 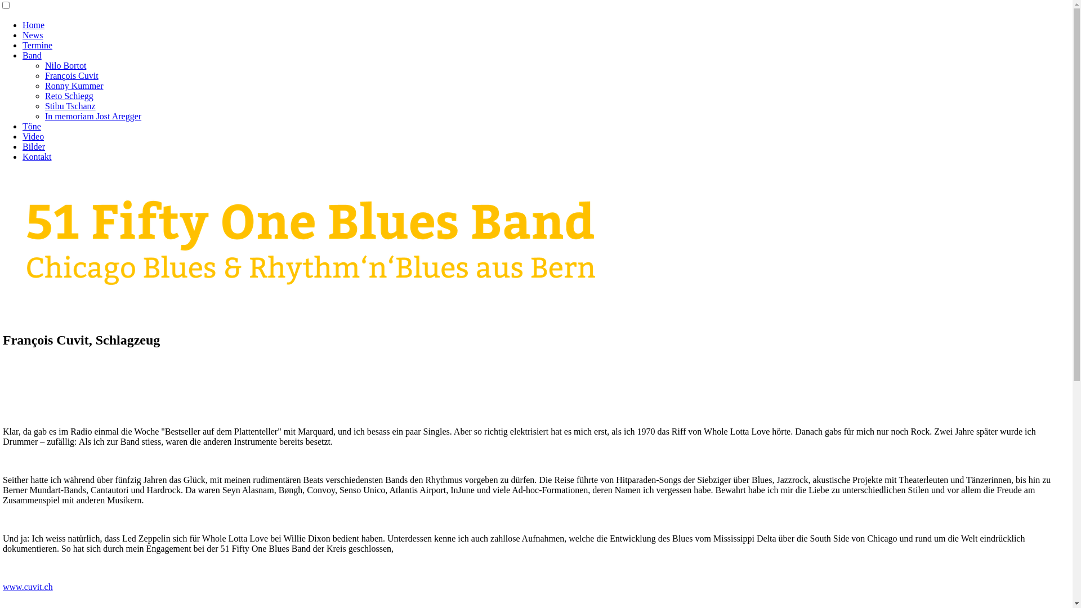 What do you see at coordinates (33, 136) in the screenshot?
I see `'Video'` at bounding box center [33, 136].